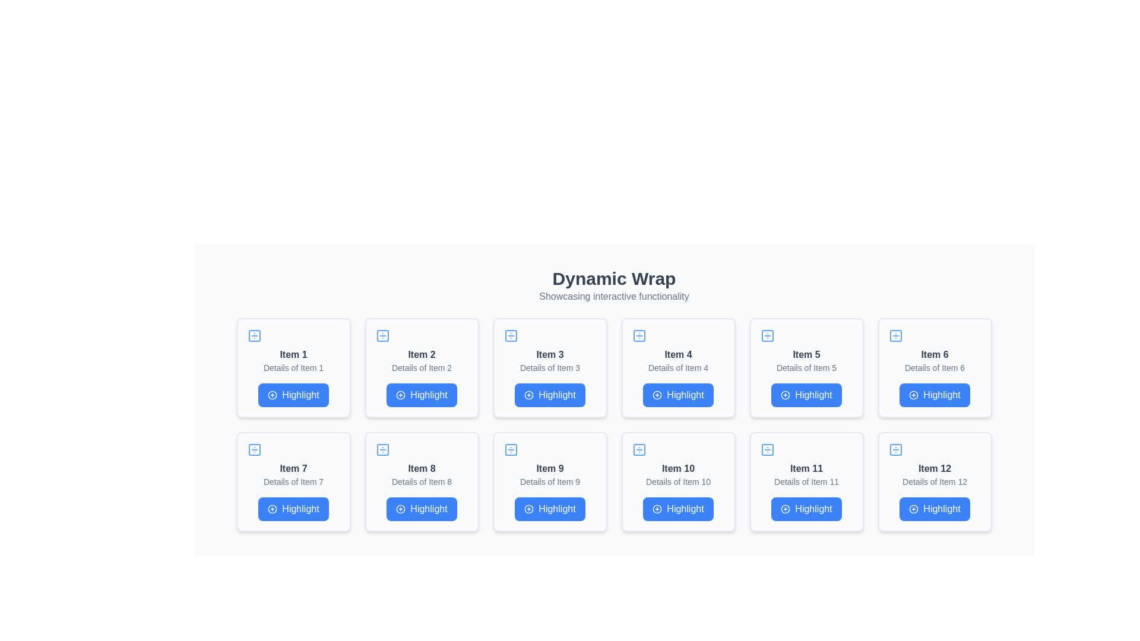 This screenshot has height=641, width=1140. What do you see at coordinates (934, 482) in the screenshot?
I see `the interactive card labeled 'Item 12' which contains a button labeled 'Highlight' and is located in the fourth row and third column of the grid layout` at bounding box center [934, 482].